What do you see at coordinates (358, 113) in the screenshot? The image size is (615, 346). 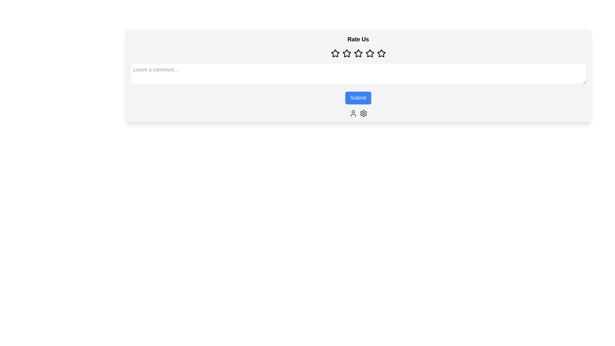 I see `the icon group located at the bottom section of the 'Rate Us' card` at bounding box center [358, 113].